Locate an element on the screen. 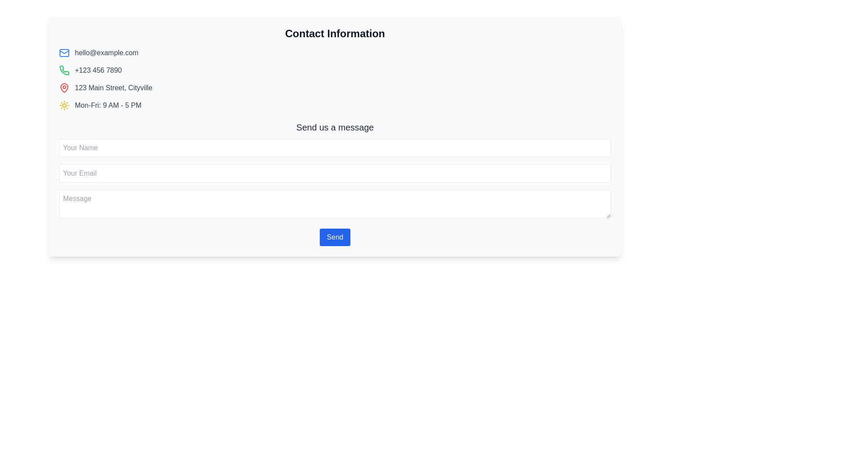 The image size is (841, 473). the static text displaying the contact email address located underneath the 'Contact Information' header, positioned to the right of the mail icon is located at coordinates (106, 53).